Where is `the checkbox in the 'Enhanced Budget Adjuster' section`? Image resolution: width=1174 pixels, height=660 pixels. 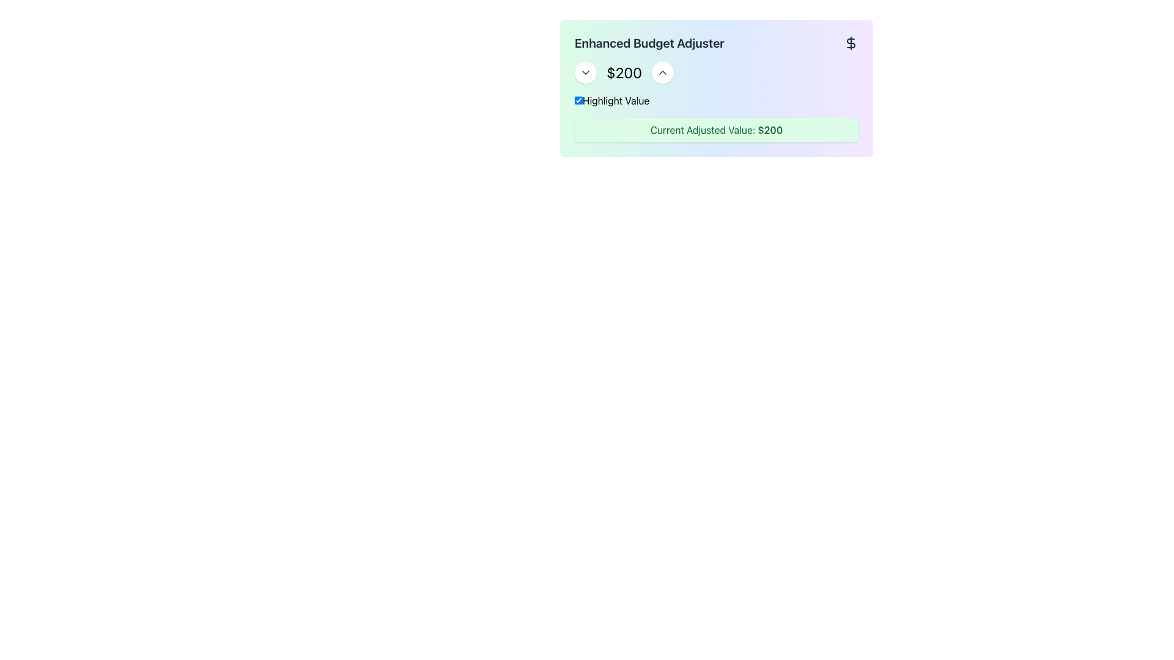 the checkbox in the 'Enhanced Budget Adjuster' section is located at coordinates (578, 100).